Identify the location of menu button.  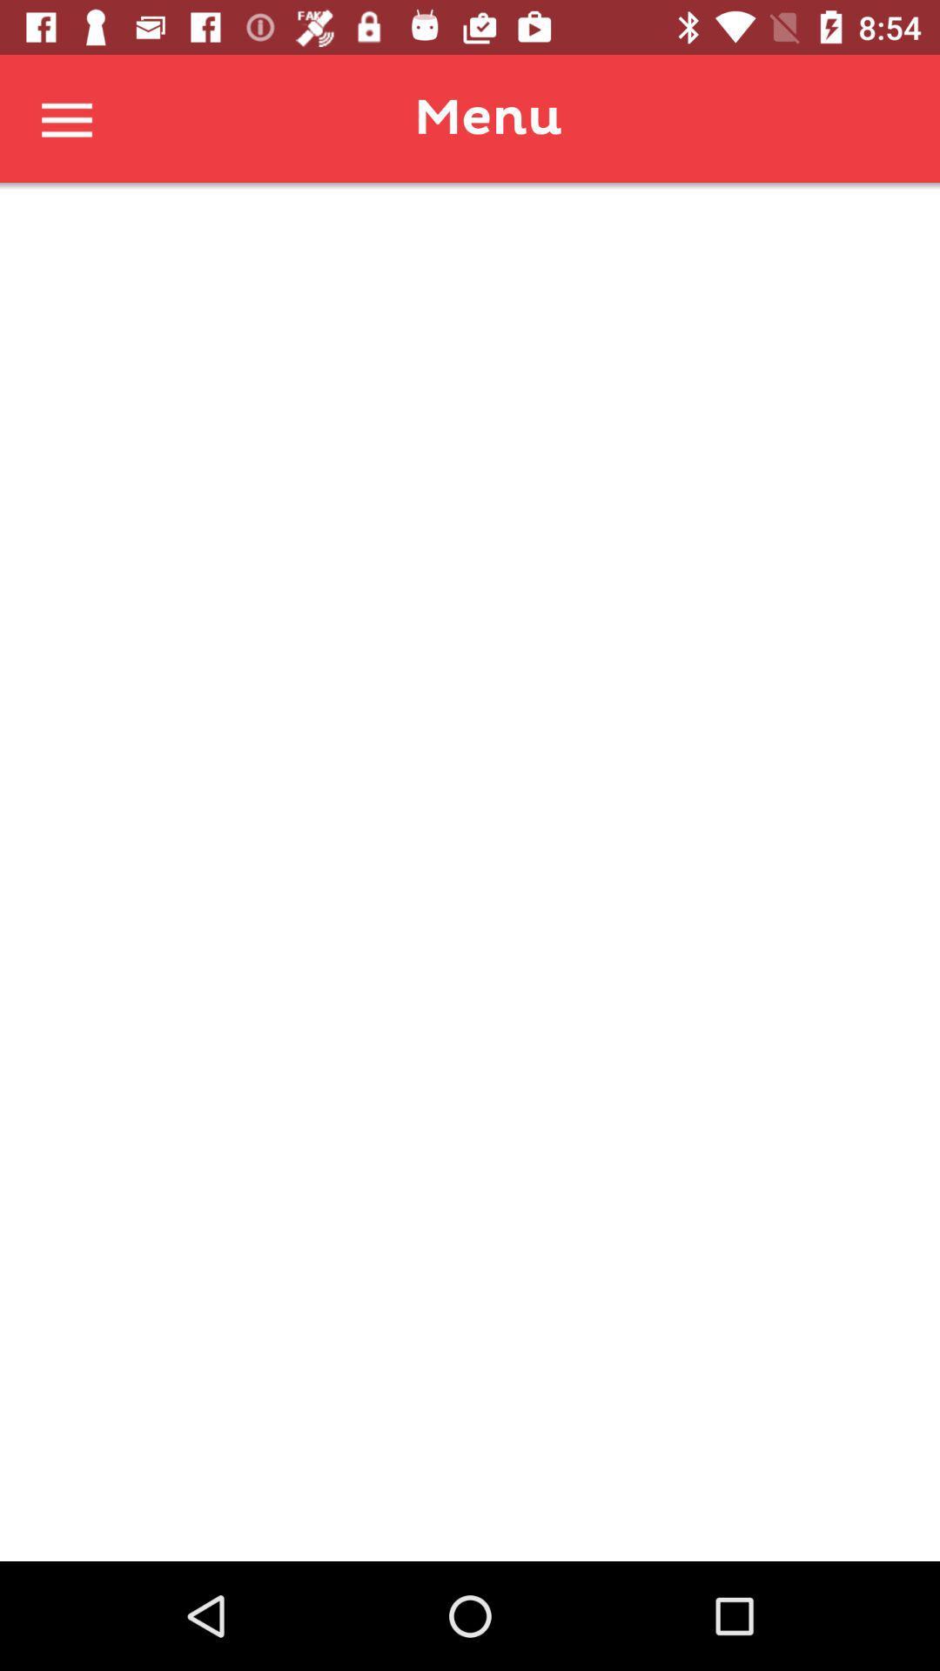
(67, 117).